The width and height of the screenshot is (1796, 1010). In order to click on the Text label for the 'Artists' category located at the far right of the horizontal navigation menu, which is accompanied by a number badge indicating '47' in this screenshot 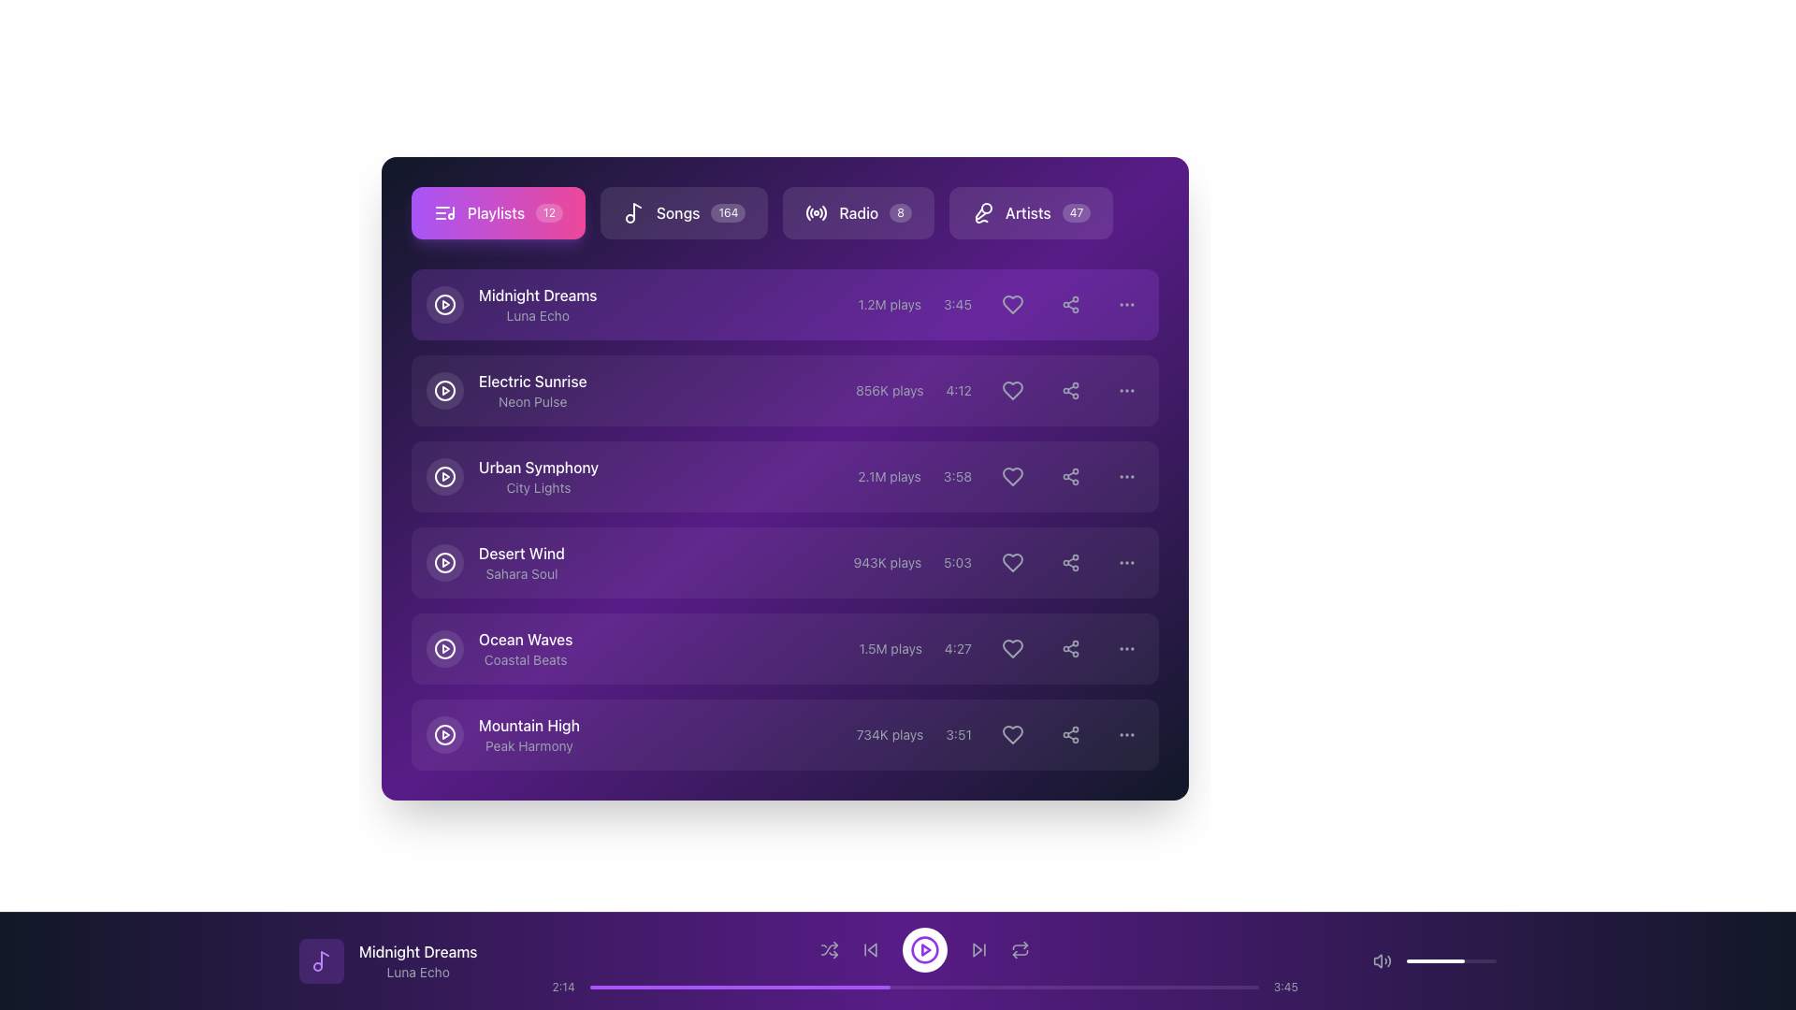, I will do `click(1027, 211)`.